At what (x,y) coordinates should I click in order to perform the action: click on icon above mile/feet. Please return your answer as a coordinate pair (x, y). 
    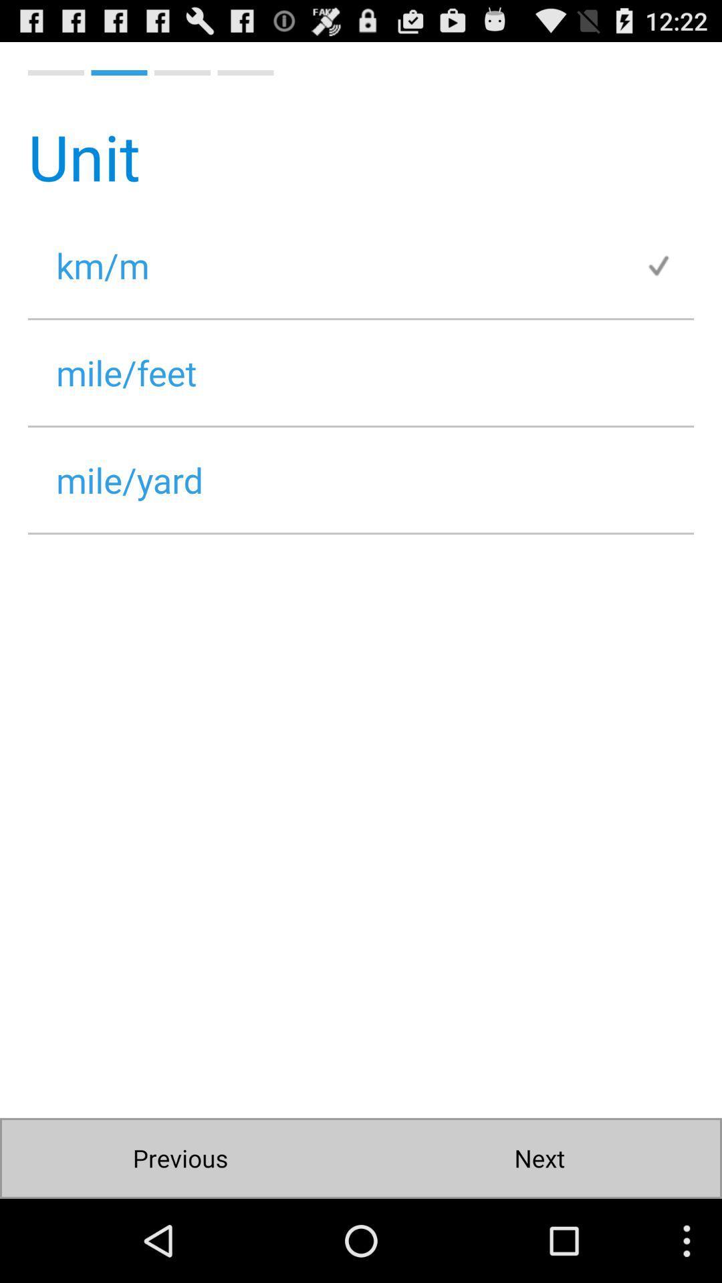
    Looking at the image, I should click on (336, 265).